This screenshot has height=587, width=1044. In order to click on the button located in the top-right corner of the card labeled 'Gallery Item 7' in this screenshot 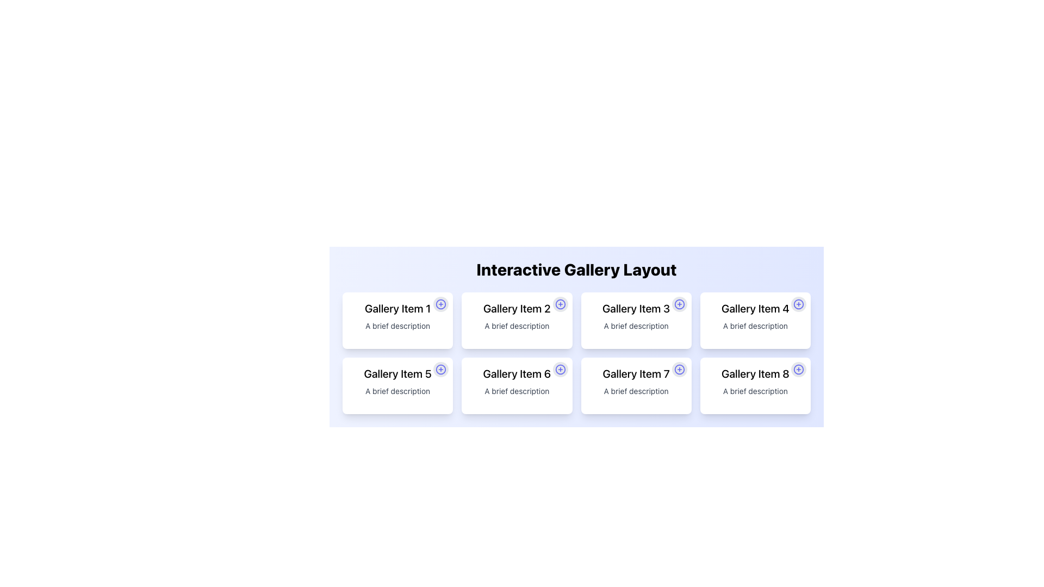, I will do `click(679, 369)`.